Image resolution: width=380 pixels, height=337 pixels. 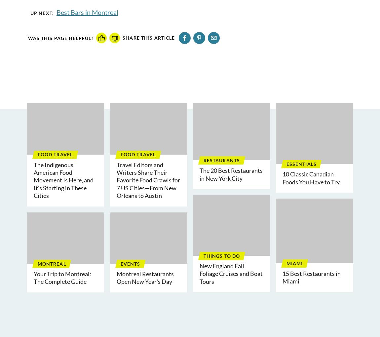 I want to click on 'Was this page helpful?', so click(x=60, y=37).